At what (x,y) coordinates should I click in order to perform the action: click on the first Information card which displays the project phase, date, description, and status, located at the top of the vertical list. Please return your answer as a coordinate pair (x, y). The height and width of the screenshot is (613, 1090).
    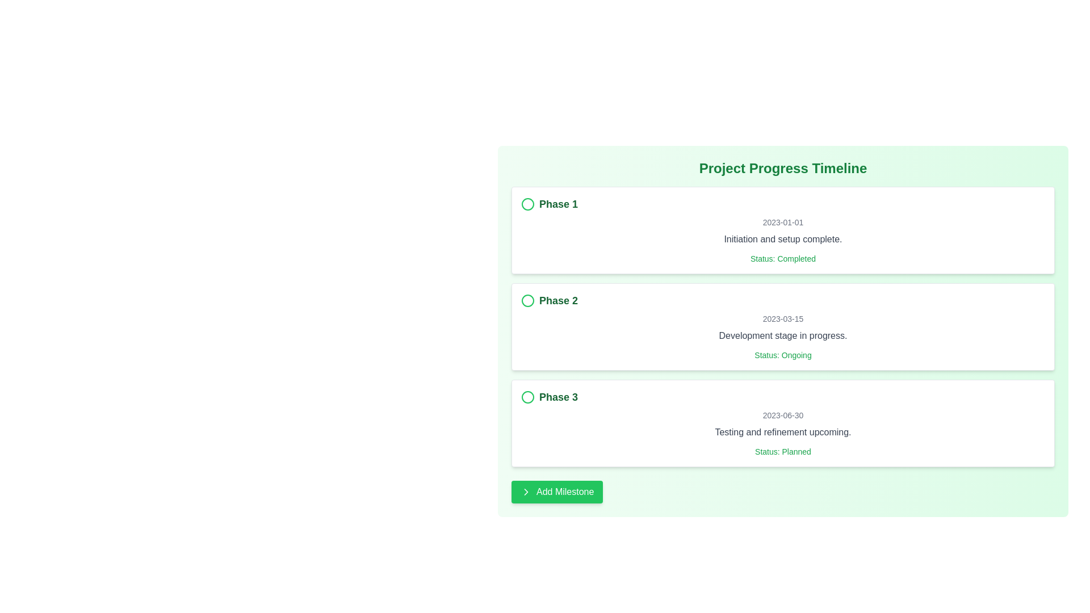
    Looking at the image, I should click on (782, 230).